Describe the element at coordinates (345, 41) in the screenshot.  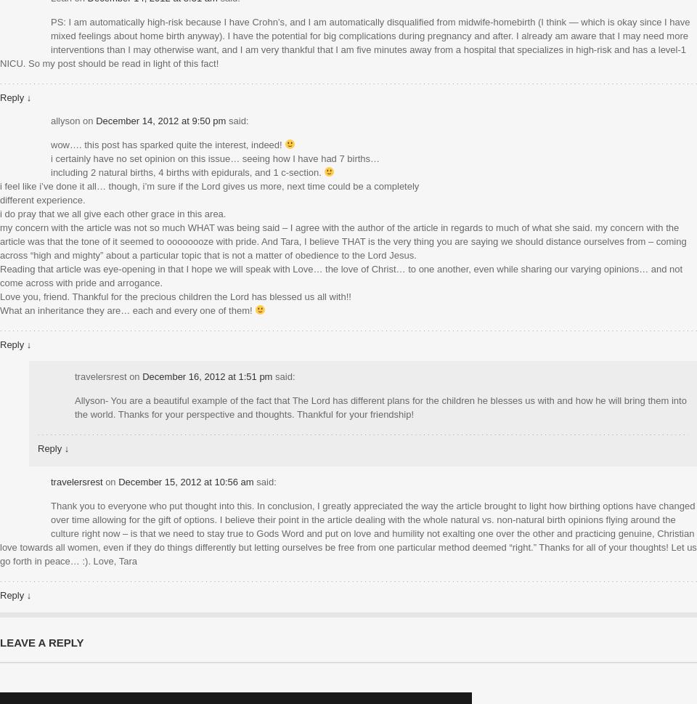
I see `'PS: I am automatically high-risk because I have Crohn’s, and I am automatically disqualified from midwife-homebirth (I think — which is okay since I have mixed feelings about home birth anyway). I have the potential for big complications during pregnancy and after. I already am aware that I may need more interventions than I may otherwise want, and I am very thankful that I am five minutes away from a hospital that specializes in high-risk and has a level-1 NICU. So my post should be read in light of this fact!'` at that location.